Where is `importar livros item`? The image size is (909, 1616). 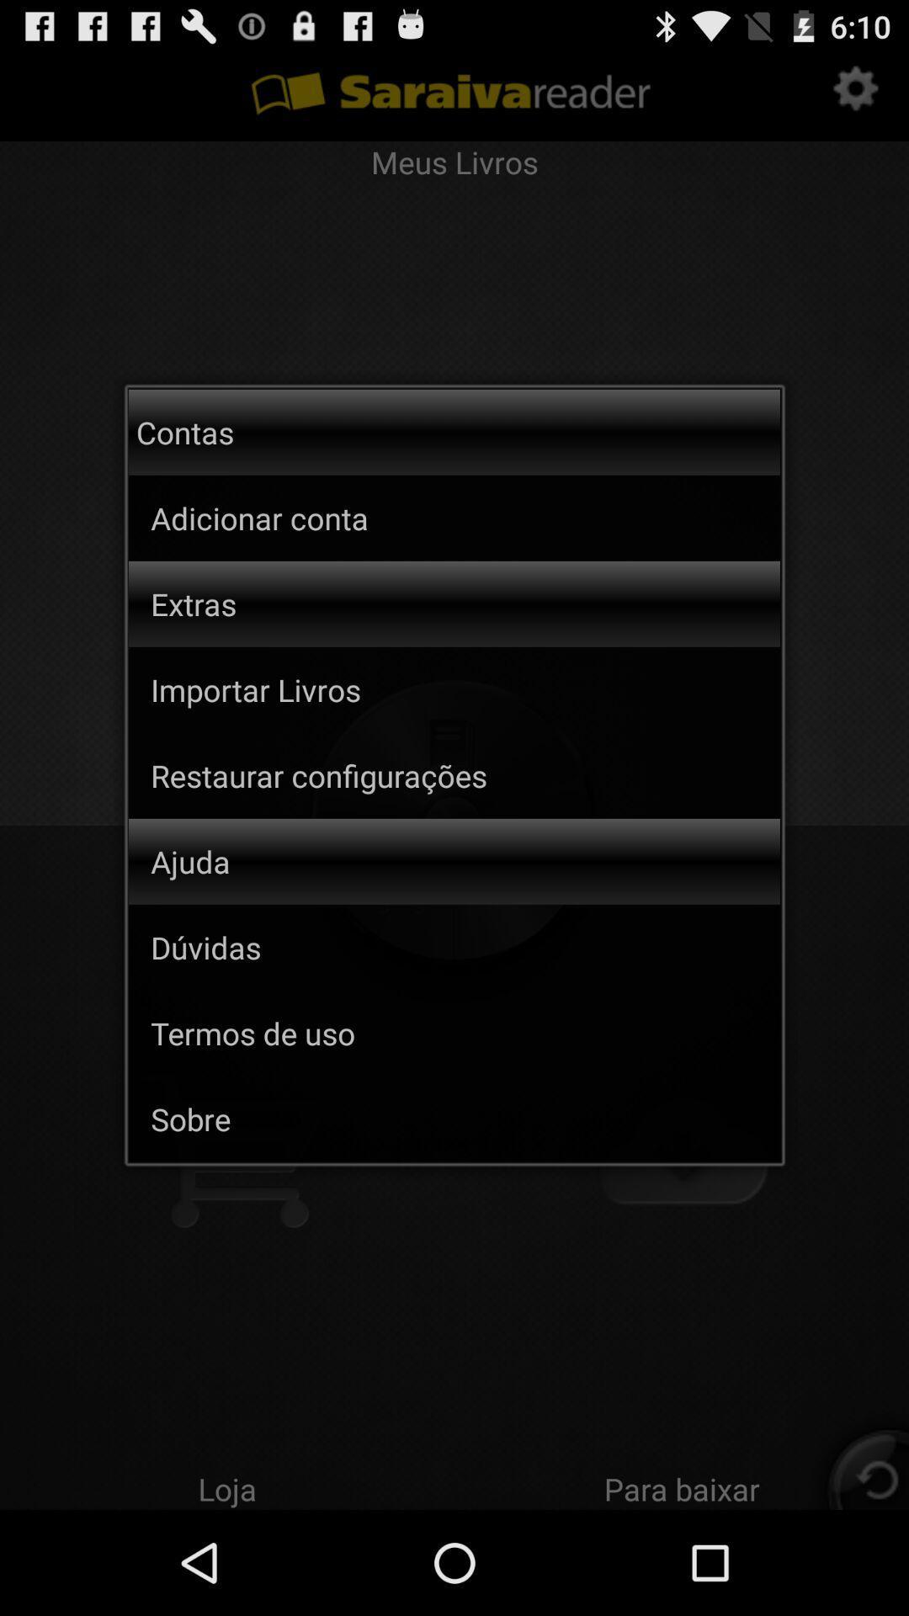
importar livros item is located at coordinates (465, 689).